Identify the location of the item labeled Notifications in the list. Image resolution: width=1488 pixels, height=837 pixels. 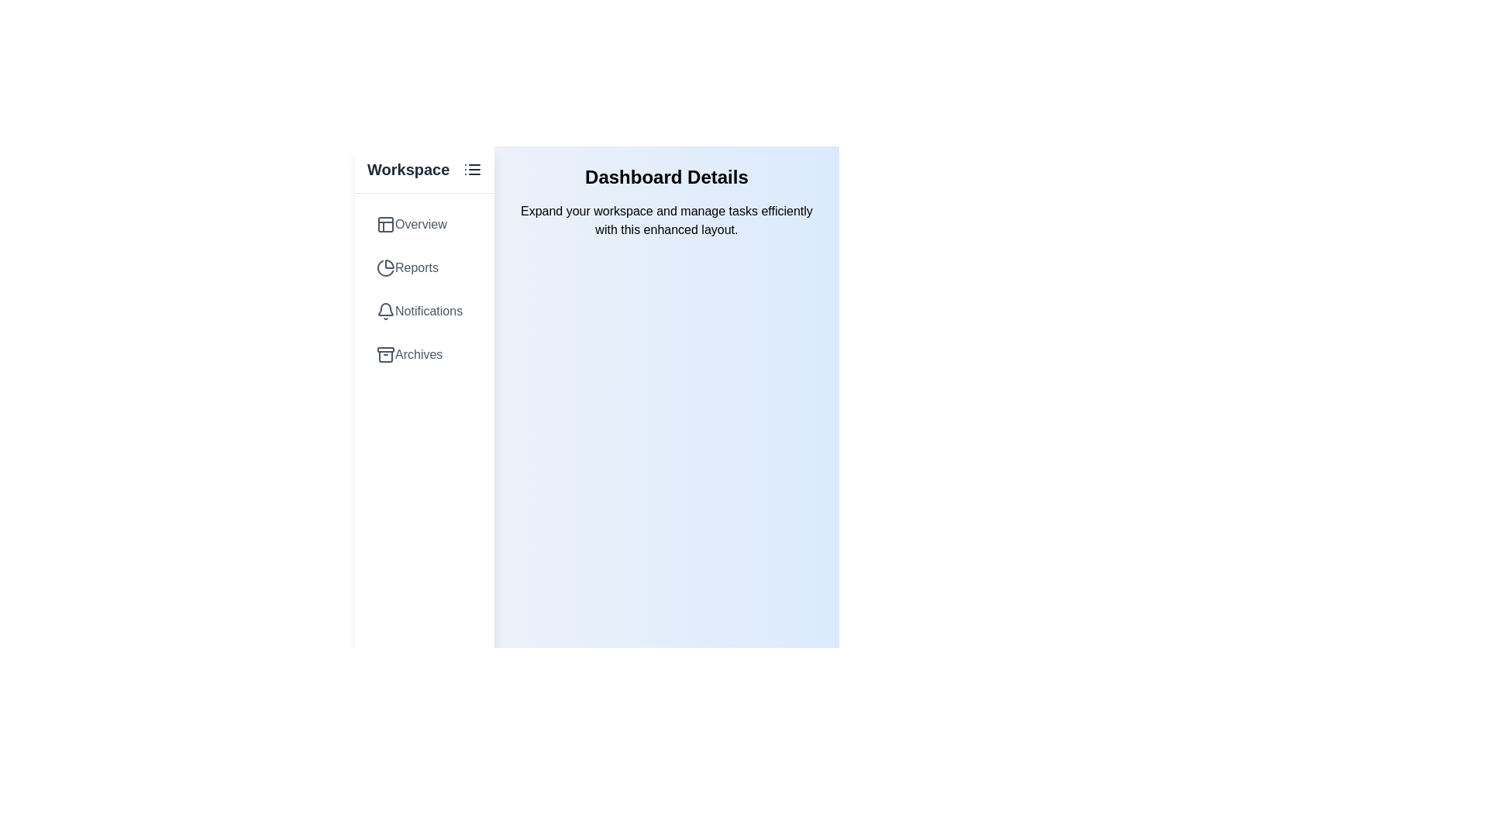
(424, 311).